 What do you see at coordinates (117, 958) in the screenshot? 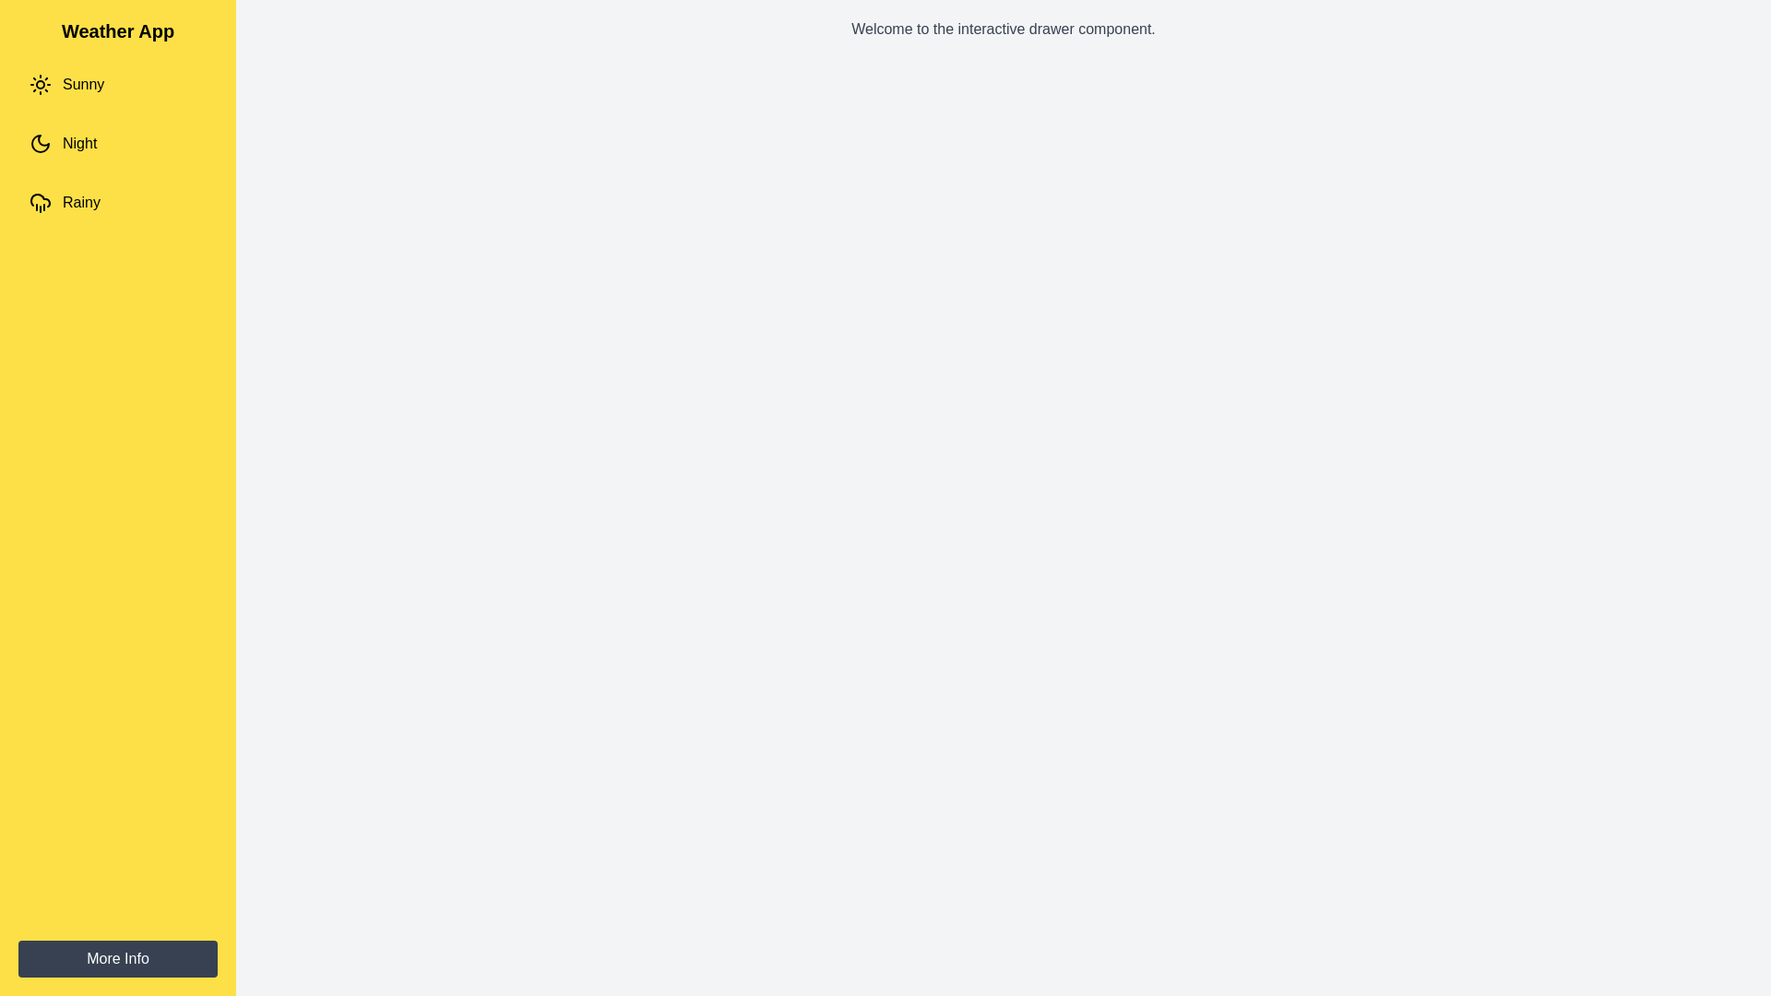
I see `the button located at the bottom of the yellow panel on the left side of the application interface` at bounding box center [117, 958].